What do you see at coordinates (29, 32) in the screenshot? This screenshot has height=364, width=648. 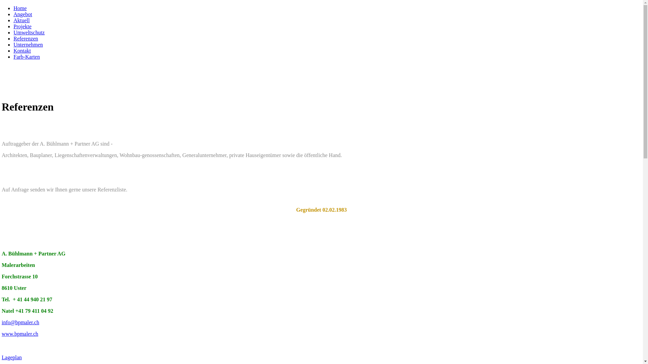 I see `'Umweltschutz'` at bounding box center [29, 32].